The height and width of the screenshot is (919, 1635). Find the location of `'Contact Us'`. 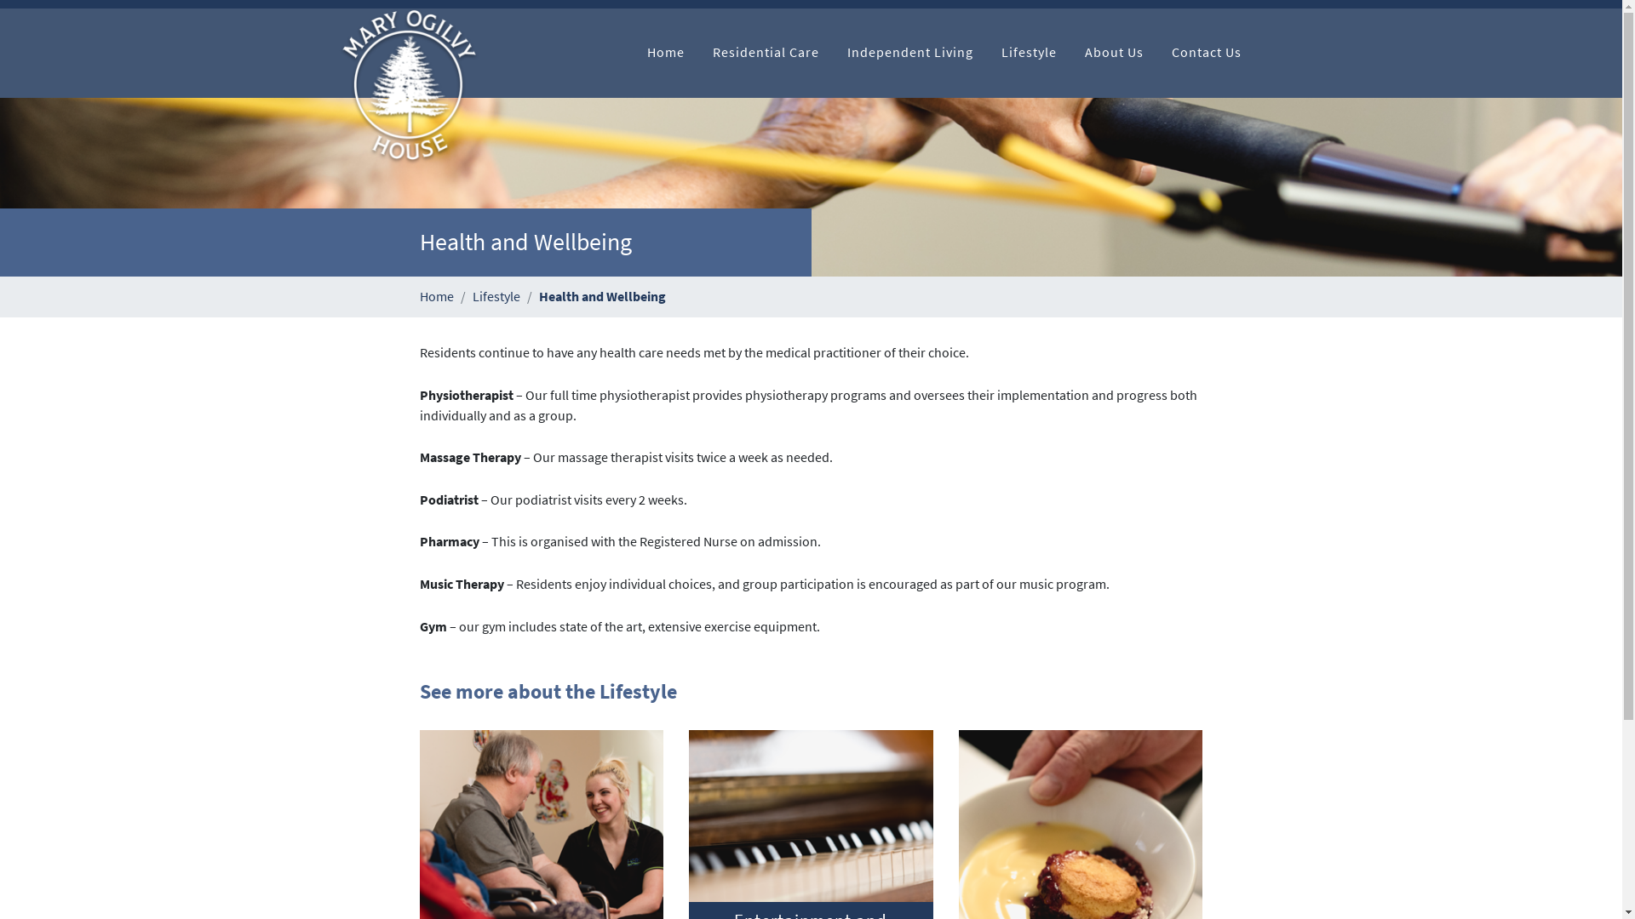

'Contact Us' is located at coordinates (1205, 51).